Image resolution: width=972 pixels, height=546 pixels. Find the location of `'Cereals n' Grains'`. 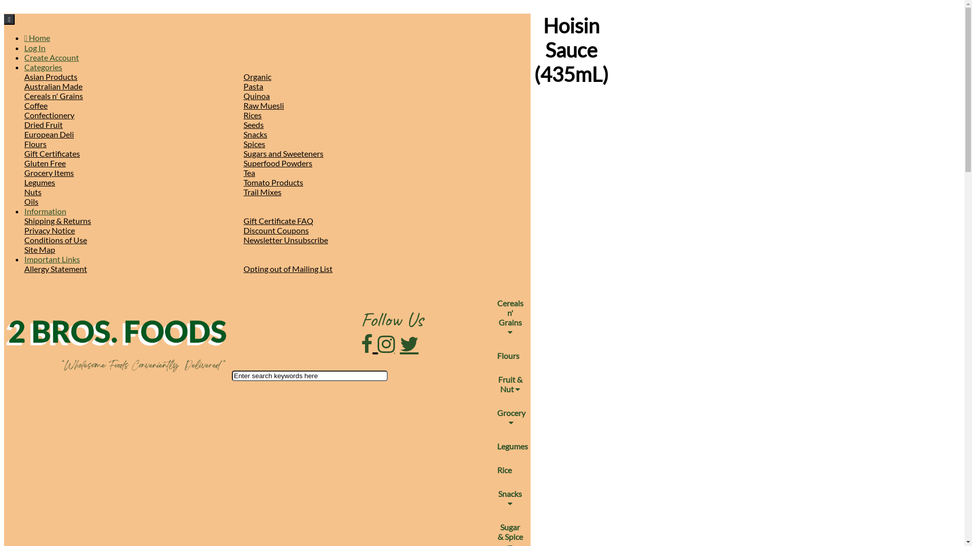

'Cereals n' Grains' is located at coordinates (510, 317).